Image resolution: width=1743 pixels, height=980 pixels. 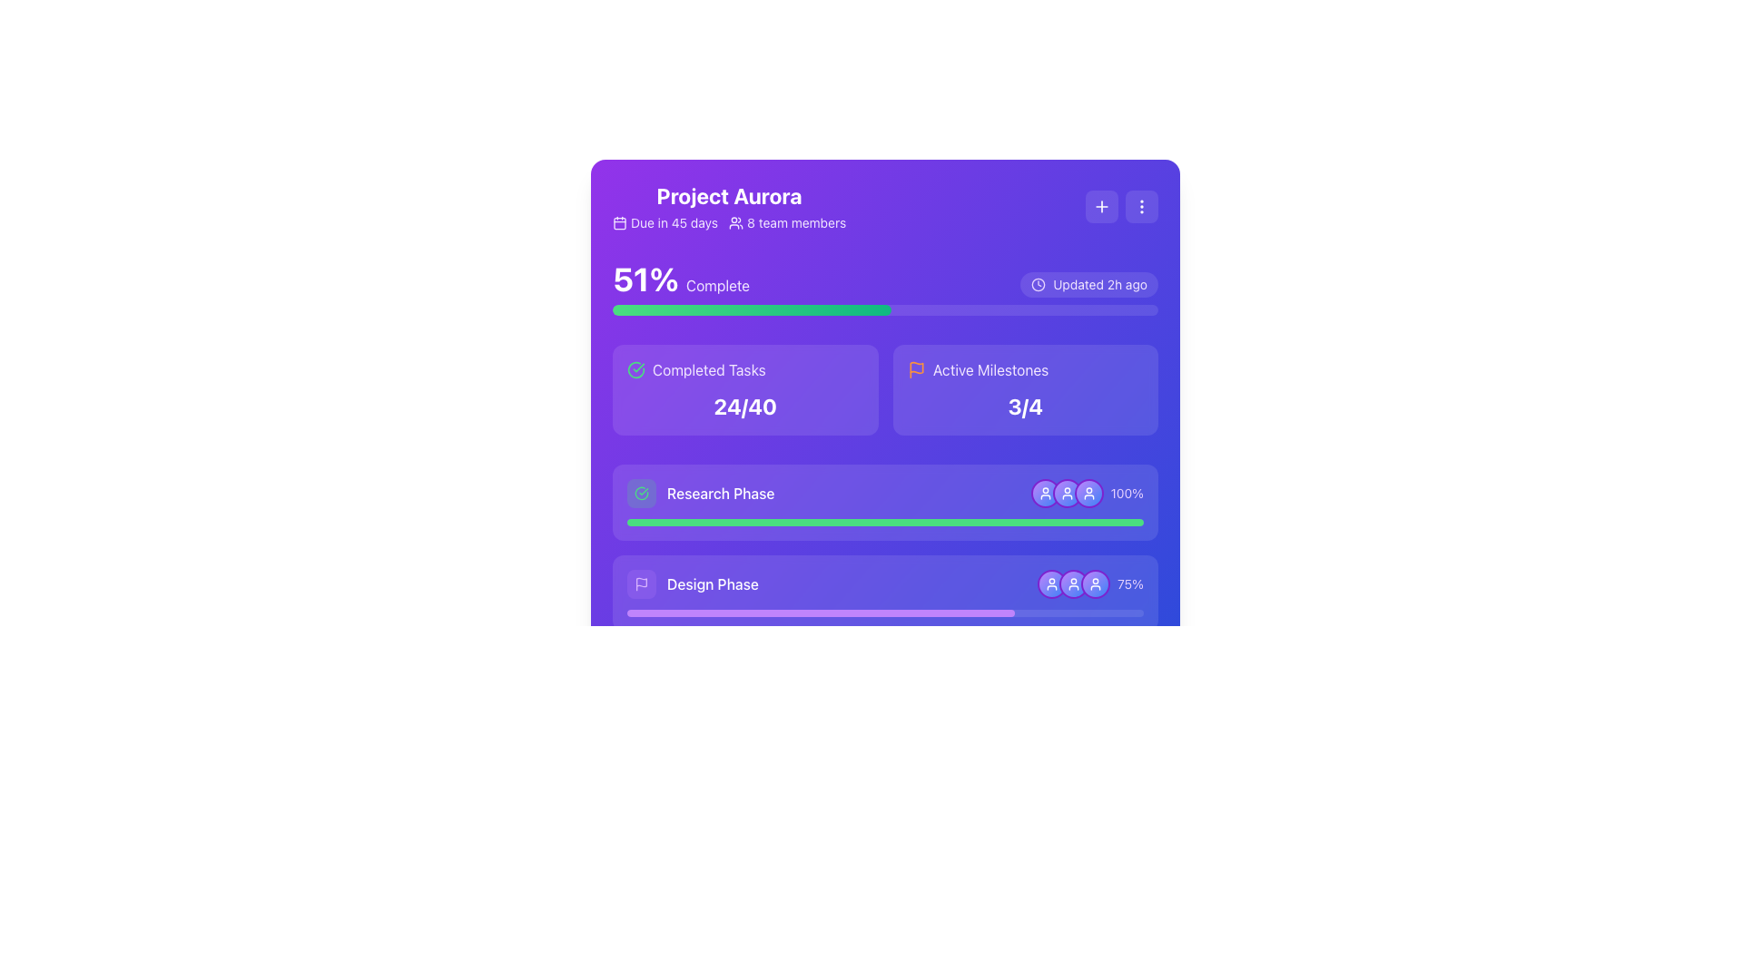 I want to click on the associated progress details of the 'Research Phase' progress component, which shows a completed state with a 100% completion rate, so click(x=885, y=503).